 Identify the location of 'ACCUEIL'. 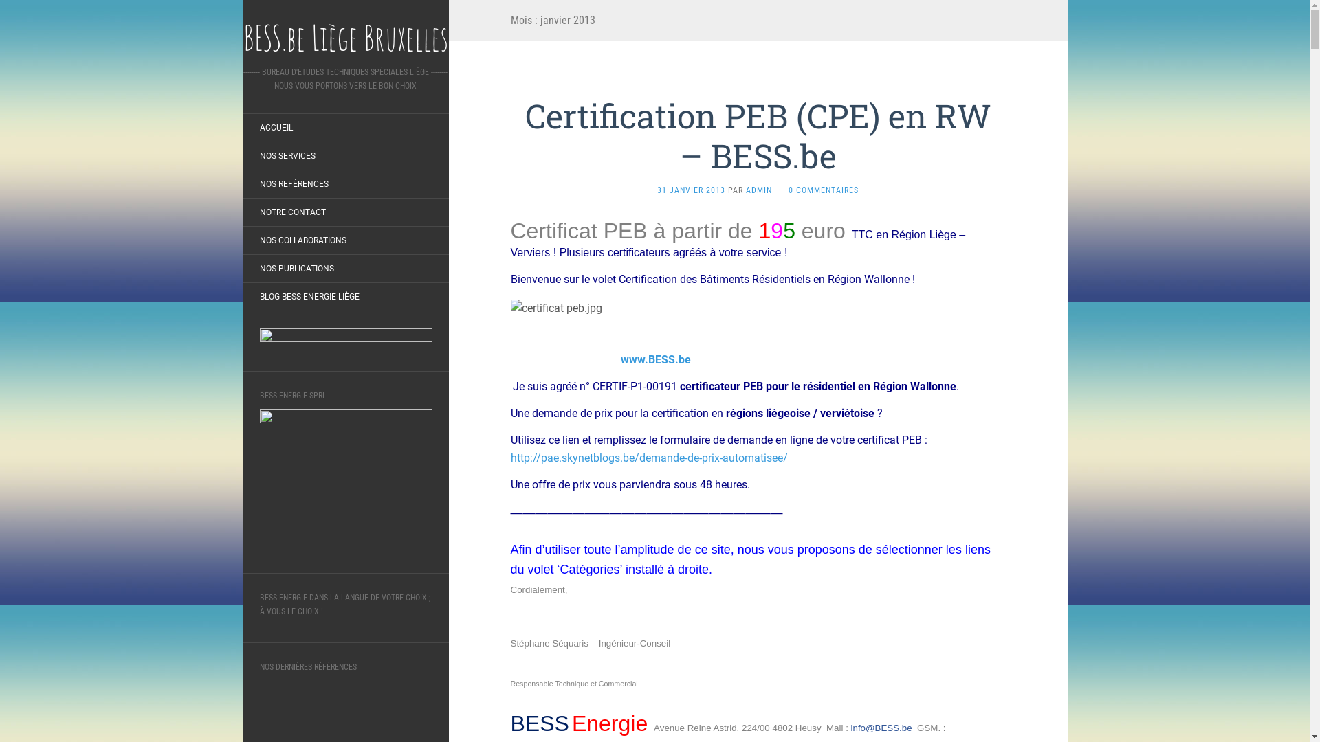
(275, 127).